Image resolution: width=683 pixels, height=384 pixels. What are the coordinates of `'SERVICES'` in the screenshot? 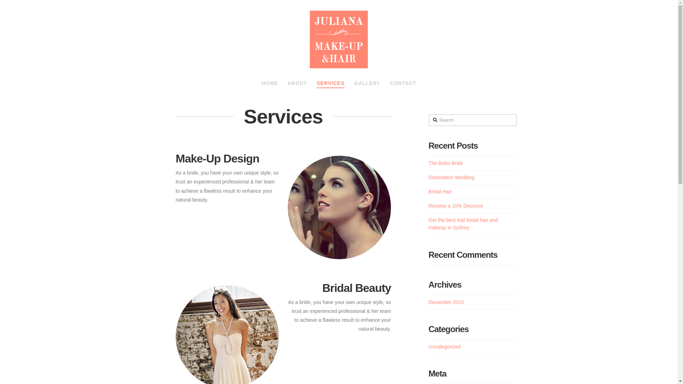 It's located at (311, 84).